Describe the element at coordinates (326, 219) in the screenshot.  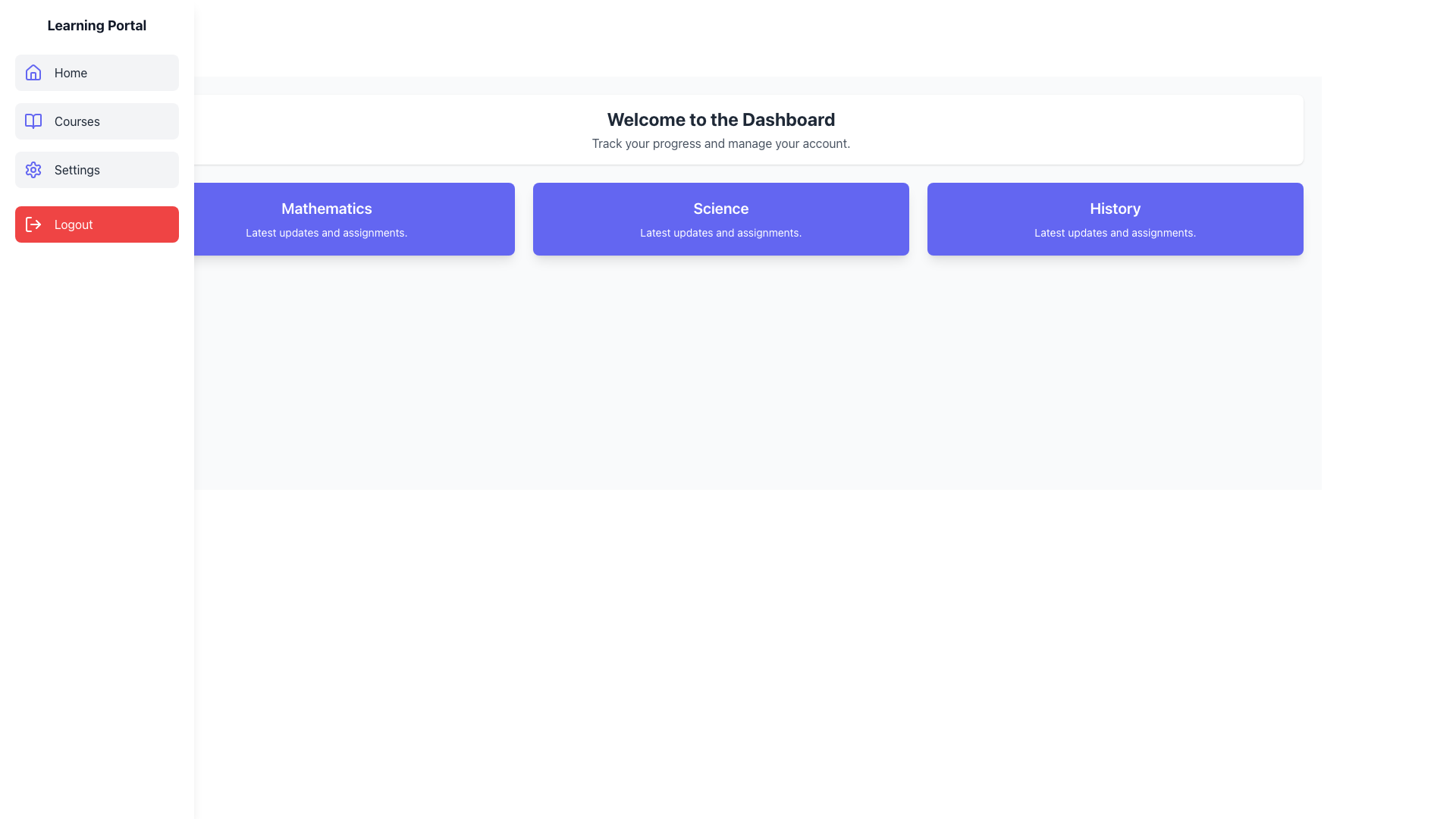
I see `the 'Mathematics' informational card, which features a purple background, white text, and is the first card in a grid layout` at that location.